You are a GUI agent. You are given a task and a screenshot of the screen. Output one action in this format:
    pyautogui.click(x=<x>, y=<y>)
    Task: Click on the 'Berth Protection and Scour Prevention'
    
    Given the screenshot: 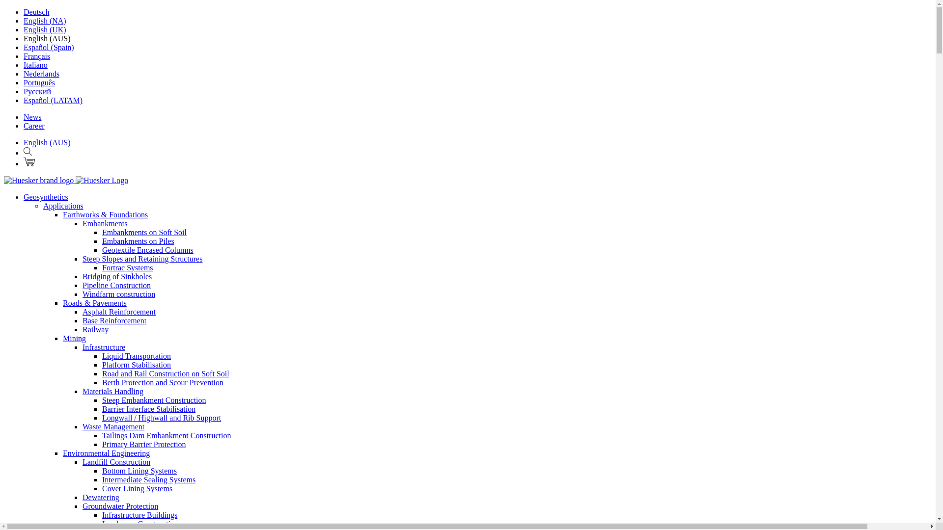 What is the action you would take?
    pyautogui.click(x=102, y=382)
    